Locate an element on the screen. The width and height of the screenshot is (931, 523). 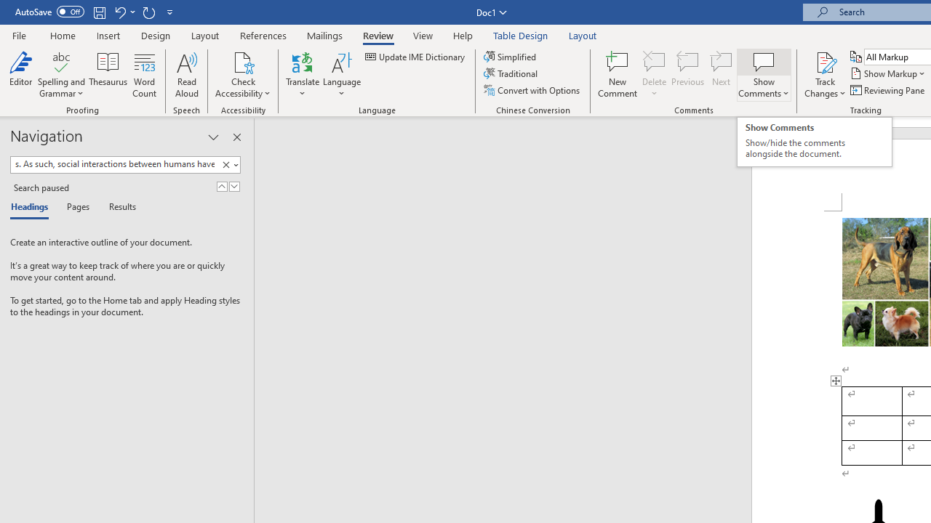
'Pages' is located at coordinates (76, 208).